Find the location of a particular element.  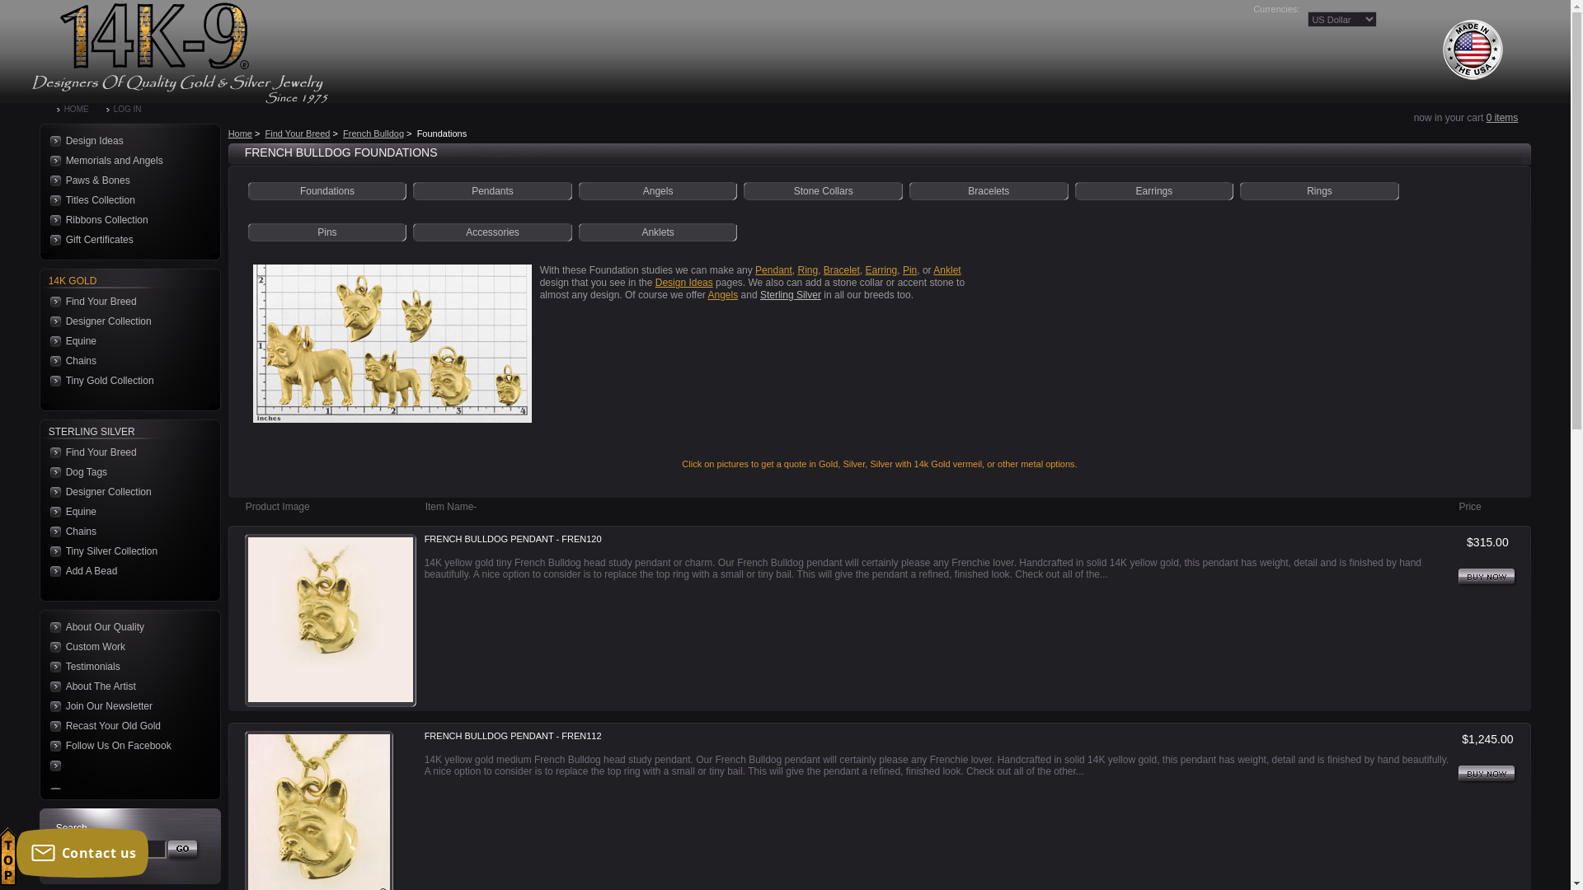

'Pendant' is located at coordinates (773, 269).